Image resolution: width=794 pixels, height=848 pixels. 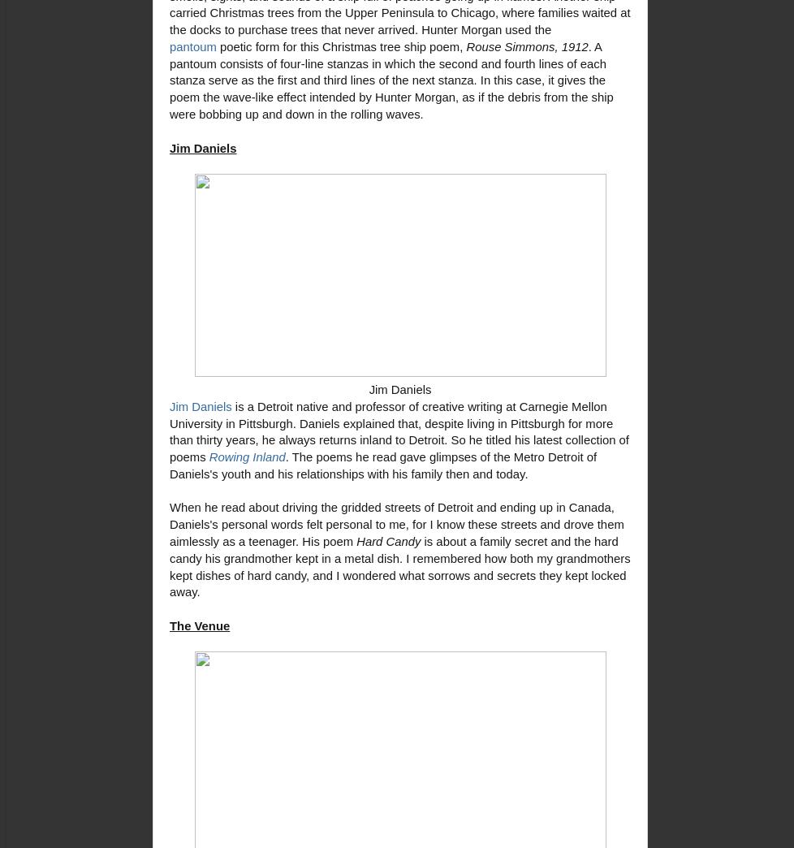 What do you see at coordinates (169, 45) in the screenshot?
I see `'pantoum'` at bounding box center [169, 45].